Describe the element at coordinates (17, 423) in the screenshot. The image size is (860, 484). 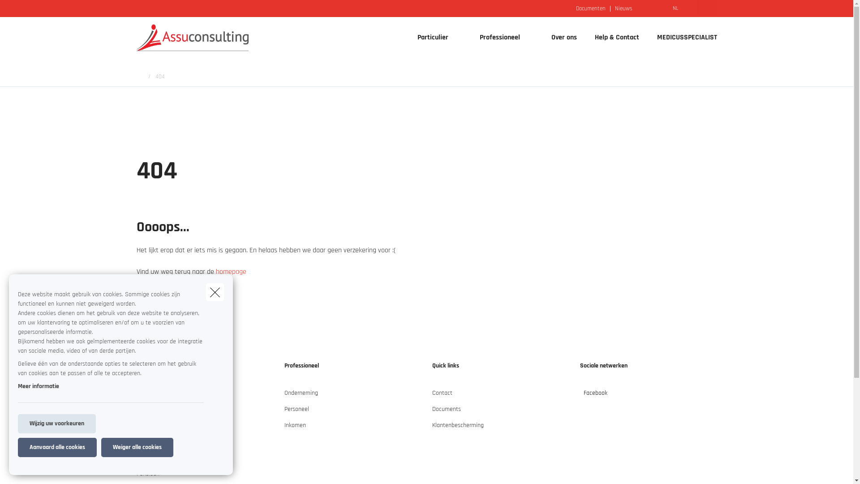
I see `'Wijzig uw voorkeuren'` at that location.